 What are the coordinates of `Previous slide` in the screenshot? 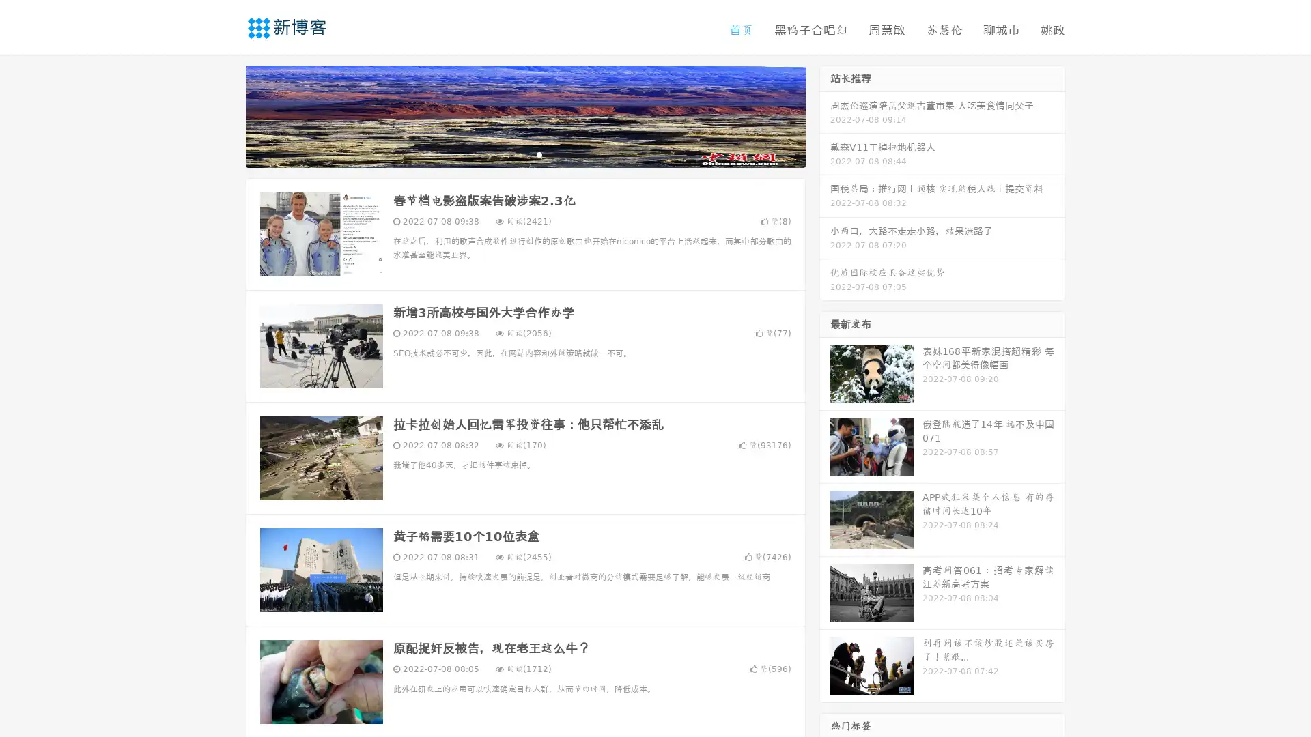 It's located at (225, 115).